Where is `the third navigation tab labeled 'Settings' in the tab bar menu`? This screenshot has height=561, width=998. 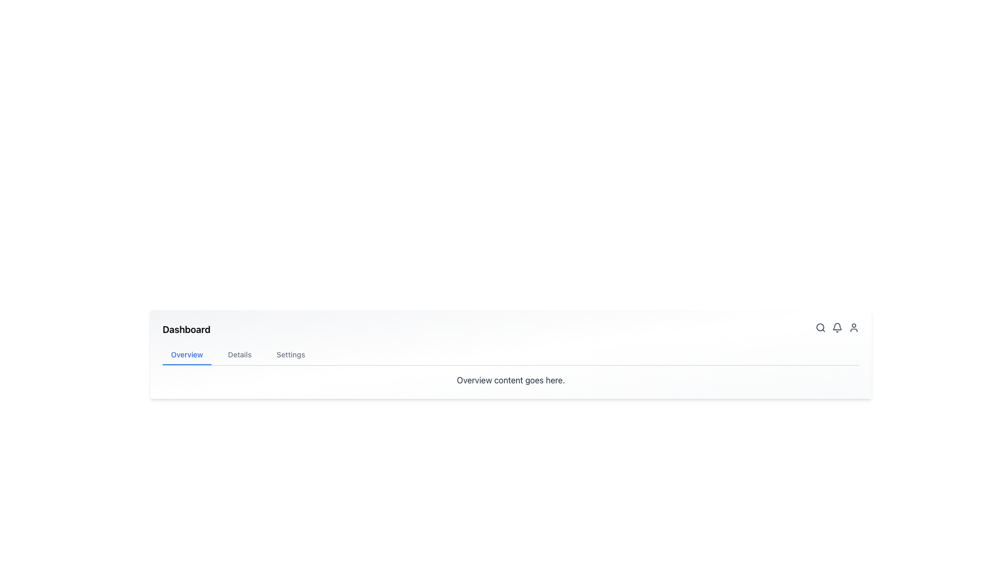 the third navigation tab labeled 'Settings' in the tab bar menu is located at coordinates (291, 354).